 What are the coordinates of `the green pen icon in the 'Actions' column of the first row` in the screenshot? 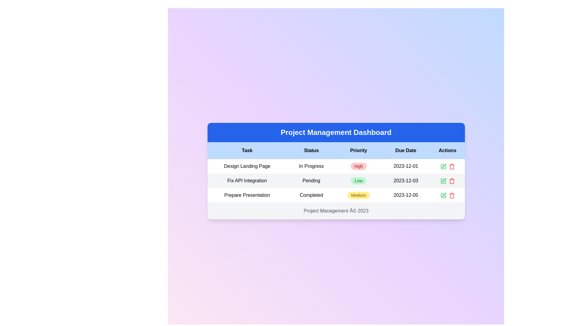 It's located at (443, 166).